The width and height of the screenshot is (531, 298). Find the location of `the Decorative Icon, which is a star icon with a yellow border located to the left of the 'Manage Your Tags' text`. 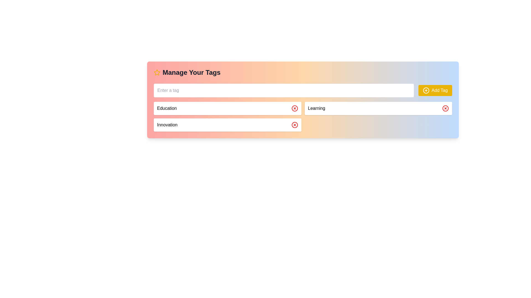

the Decorative Icon, which is a star icon with a yellow border located to the left of the 'Manage Your Tags' text is located at coordinates (157, 72).